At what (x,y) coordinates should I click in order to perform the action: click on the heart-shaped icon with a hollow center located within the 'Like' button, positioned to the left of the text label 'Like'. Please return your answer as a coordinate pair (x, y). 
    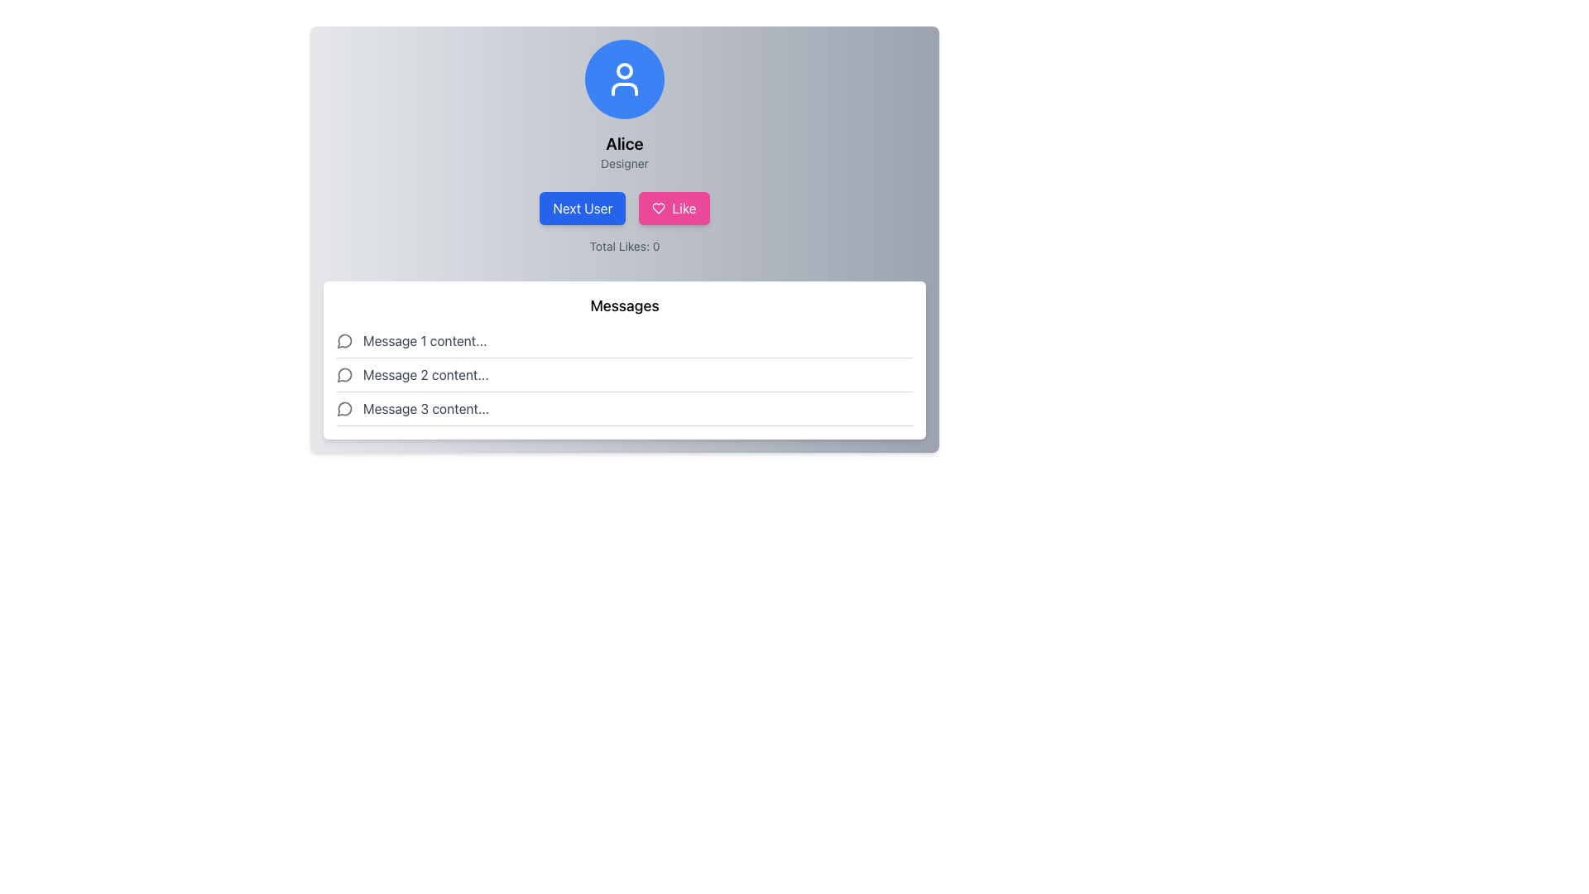
    Looking at the image, I should click on (658, 207).